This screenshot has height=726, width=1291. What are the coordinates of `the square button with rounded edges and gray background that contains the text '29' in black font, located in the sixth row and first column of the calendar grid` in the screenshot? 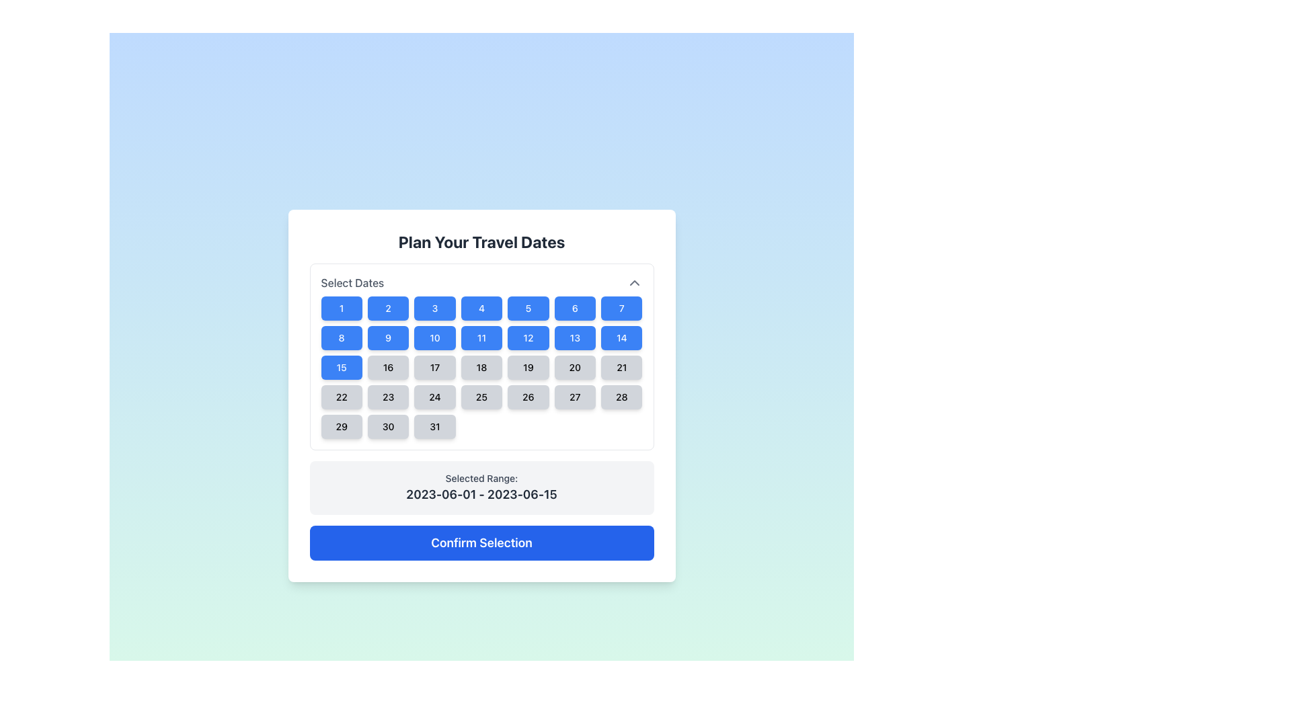 It's located at (342, 427).